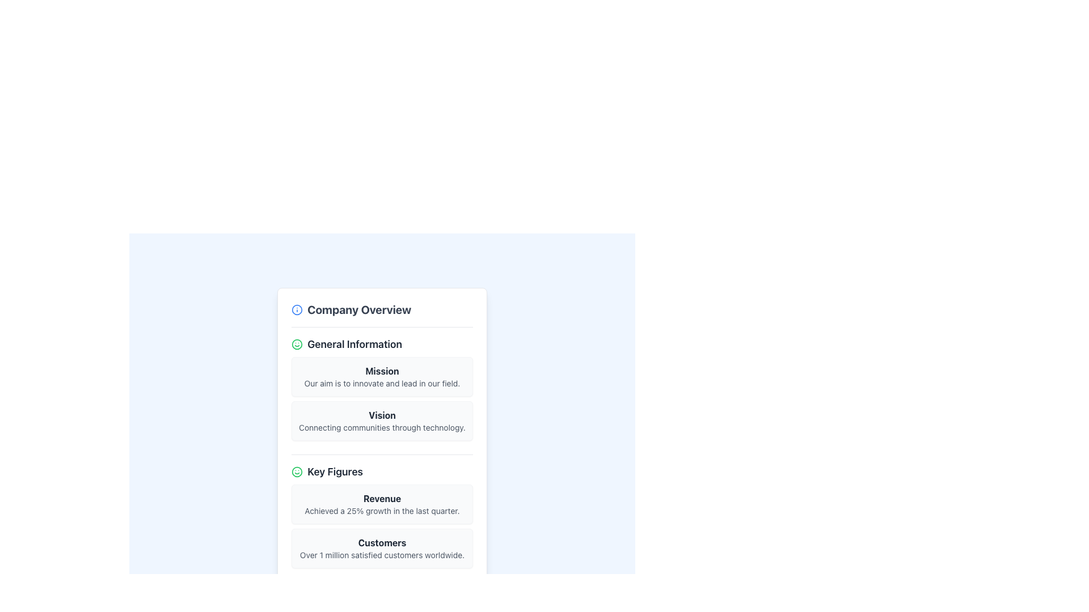 The height and width of the screenshot is (612, 1089). What do you see at coordinates (382, 554) in the screenshot?
I see `descriptive text 'Over 1 million satisfied customers worldwide.' located in the 'Customers' section, which is styled with a small text size and gray font color` at bounding box center [382, 554].